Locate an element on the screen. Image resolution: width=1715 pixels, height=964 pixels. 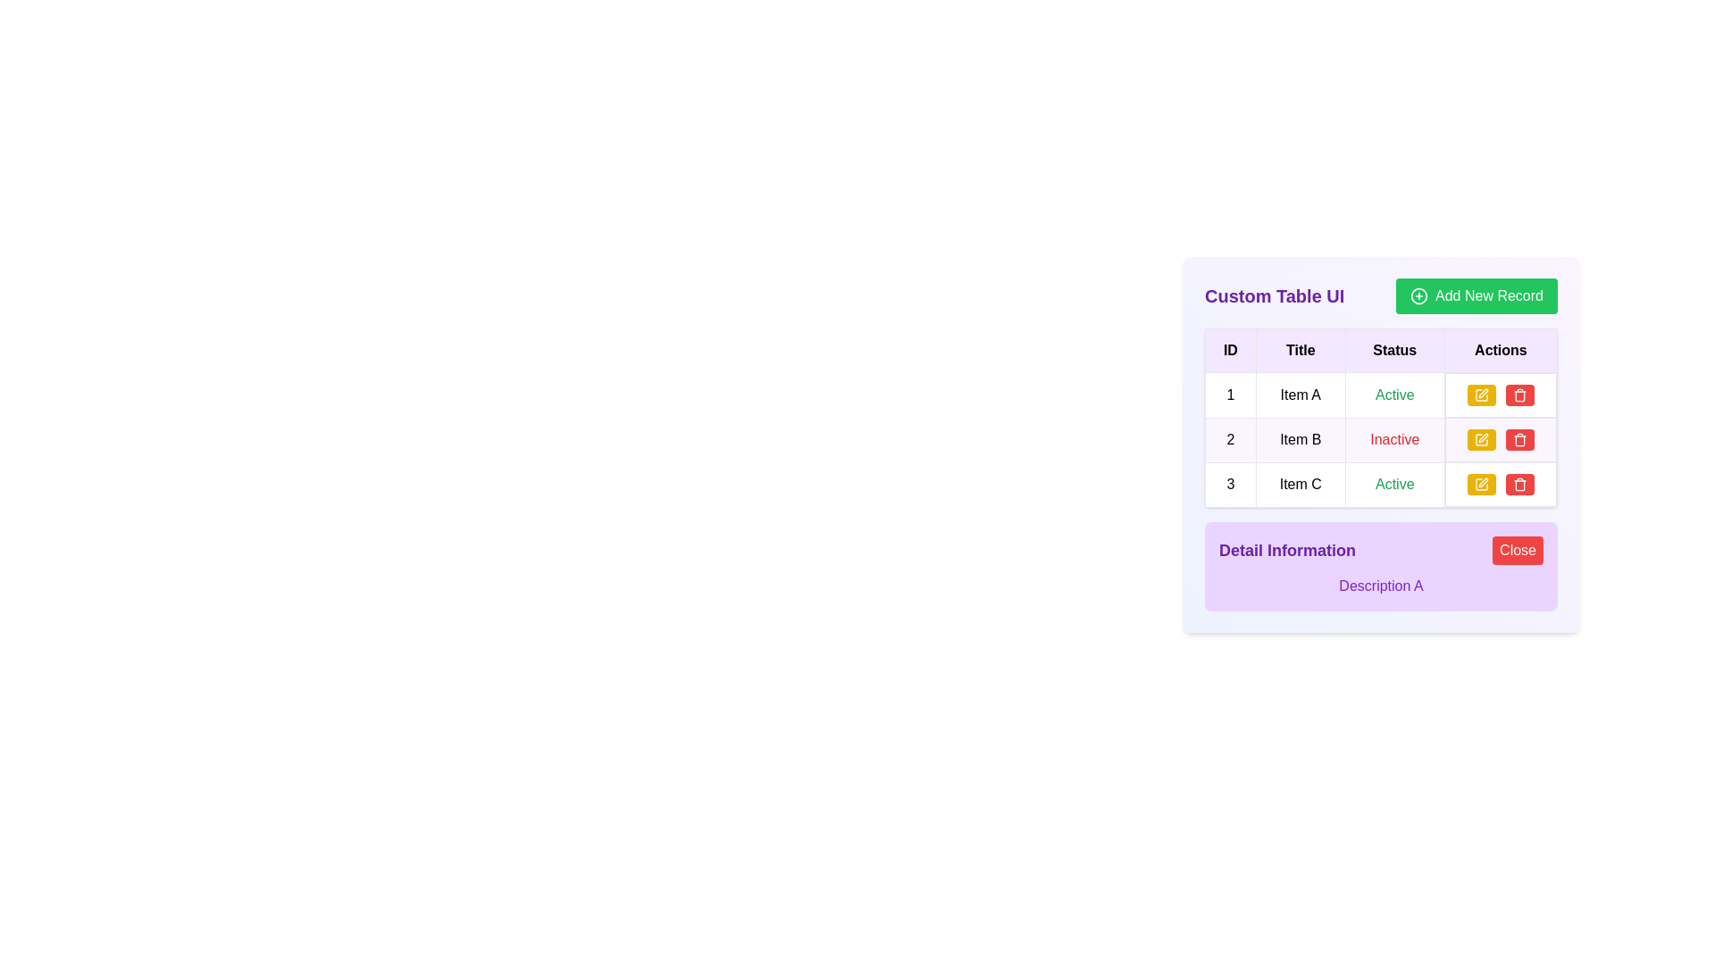
the 'Add New Record' button, which is a bright green rectangular button with rounded corners and a '+' icon, located at the upper-right corner of the 'Custom Table UI' section is located at coordinates (1477, 295).